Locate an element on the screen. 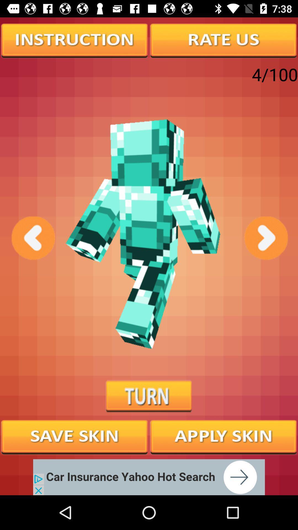  option is located at coordinates (223, 436).